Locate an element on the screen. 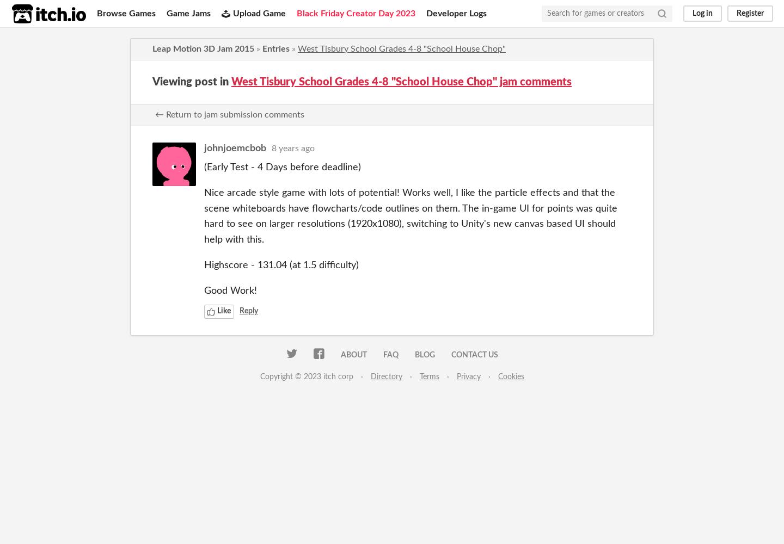  'FAQ' is located at coordinates (390, 355).